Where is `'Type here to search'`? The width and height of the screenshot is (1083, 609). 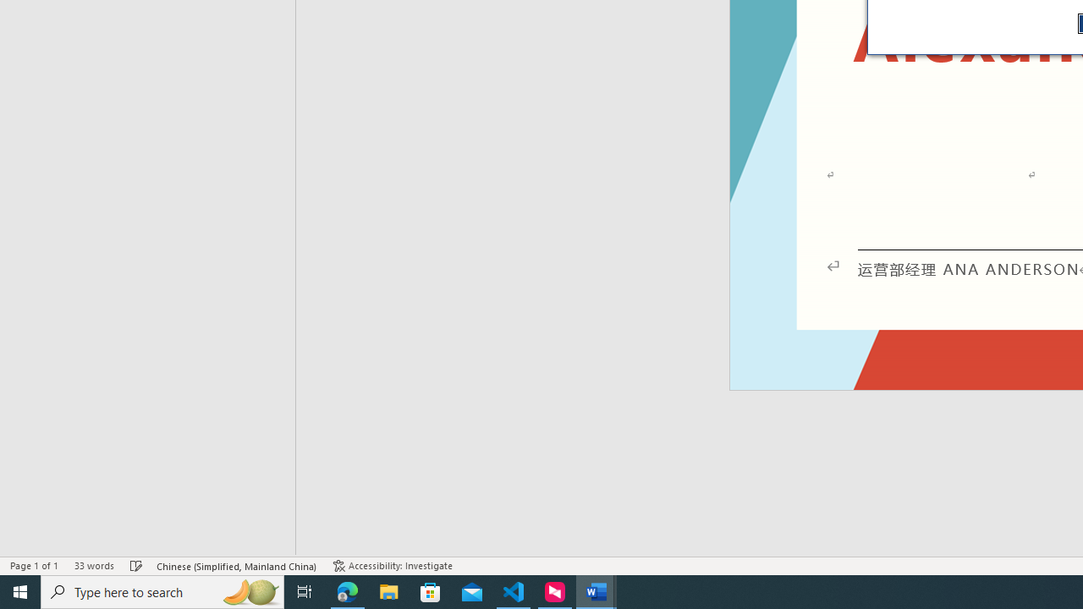
'Type here to search' is located at coordinates (162, 590).